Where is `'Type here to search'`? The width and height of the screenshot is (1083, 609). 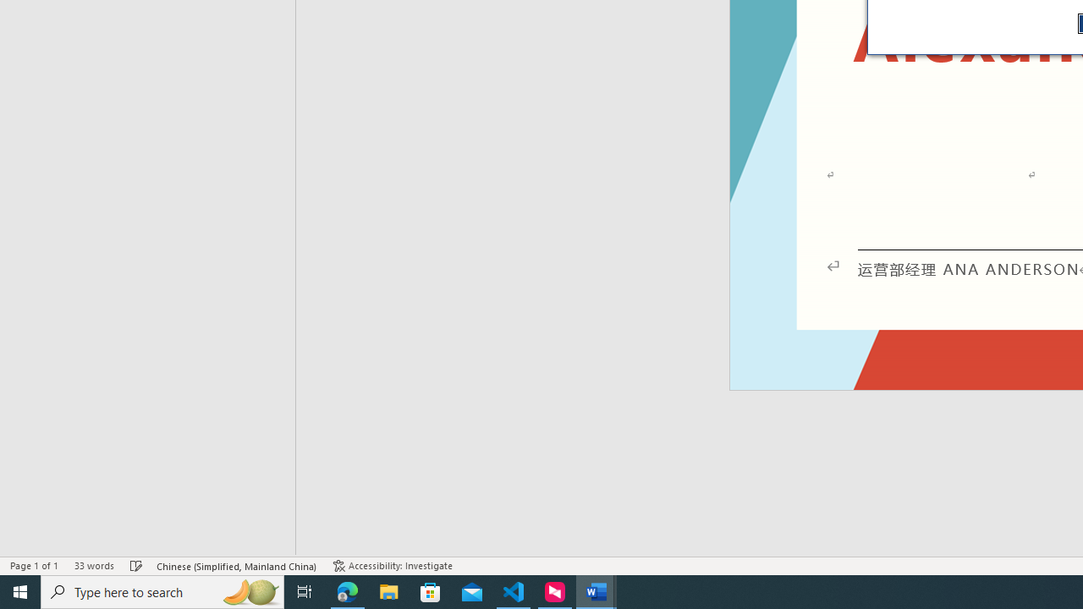
'Type here to search' is located at coordinates (162, 590).